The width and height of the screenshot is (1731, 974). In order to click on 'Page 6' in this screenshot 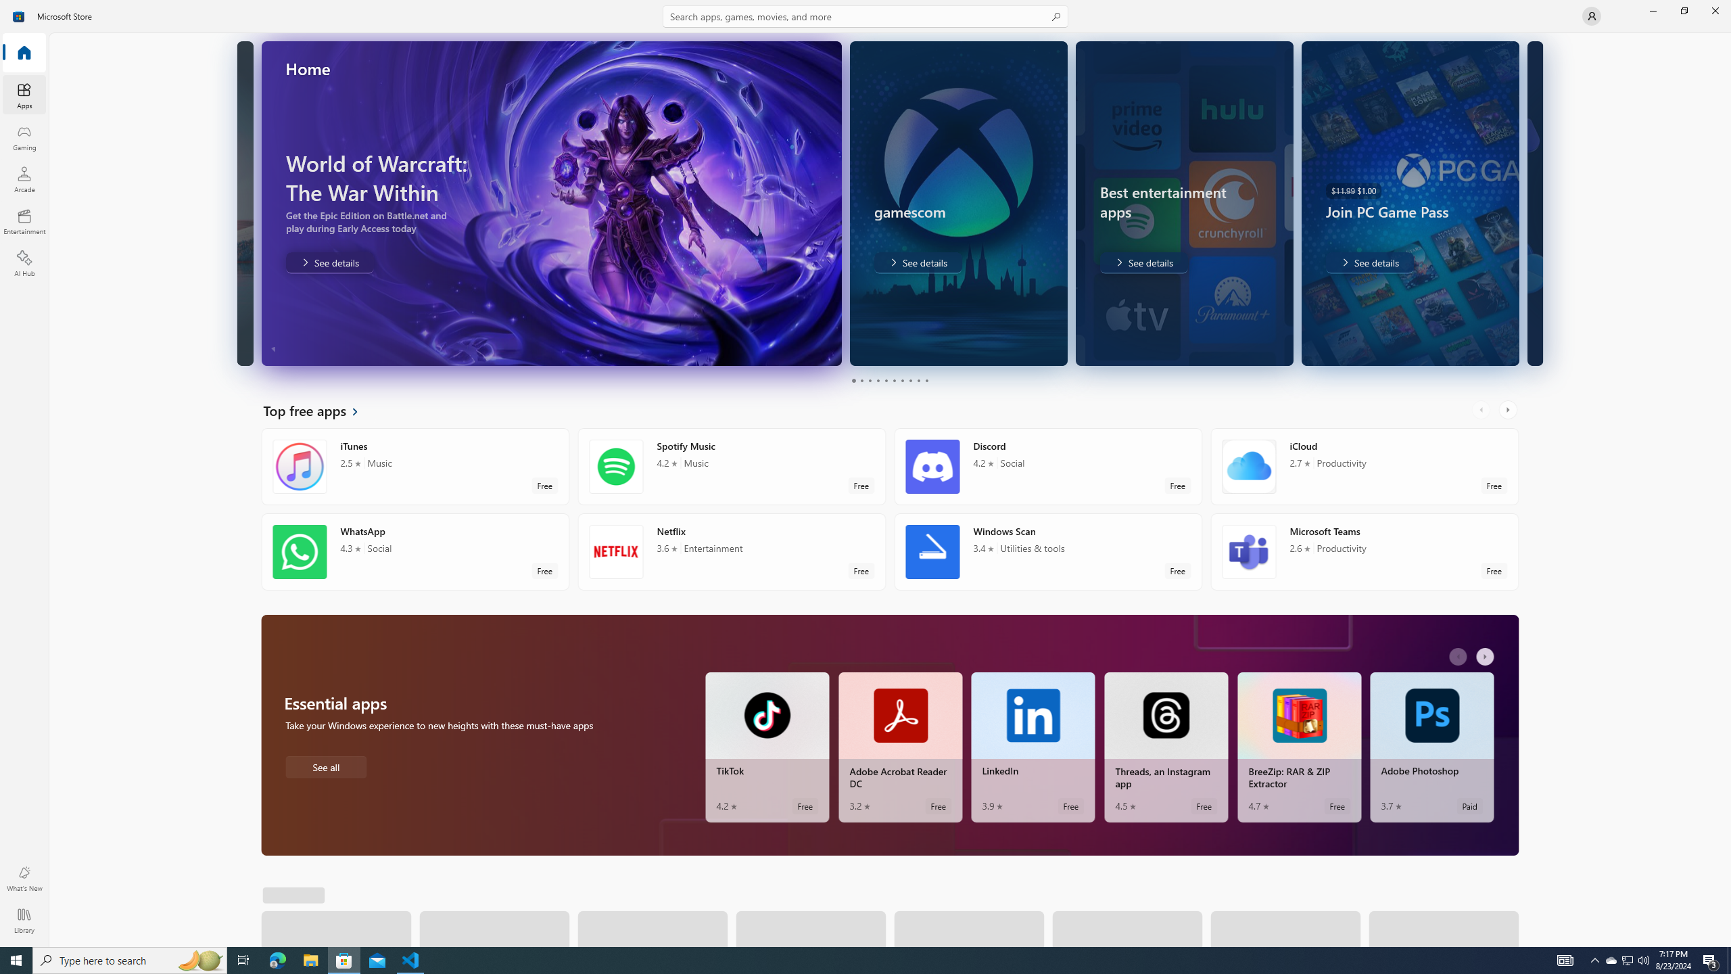, I will do `click(893, 380)`.